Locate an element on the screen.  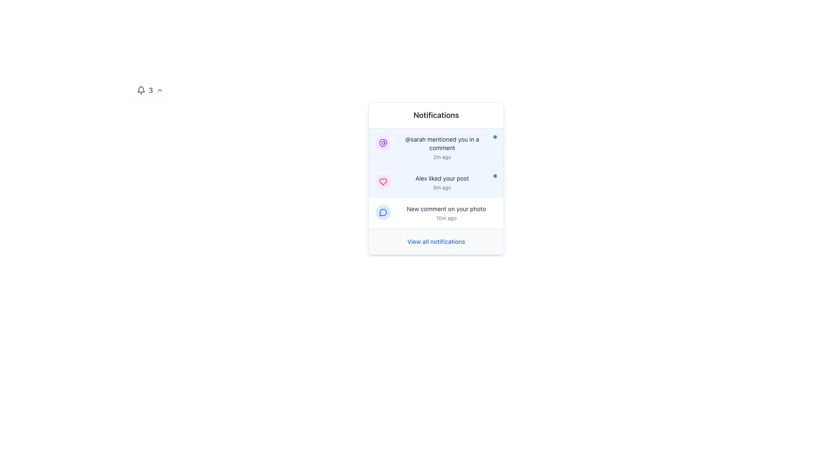
the downward-facing chevron icon with a thin black outline located at the rightmost side of the notification toggle is located at coordinates (159, 90).